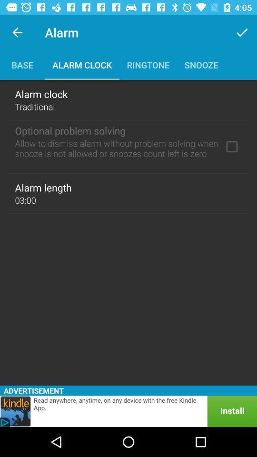 The width and height of the screenshot is (257, 457). Describe the element at coordinates (17, 32) in the screenshot. I see `the icon above the base` at that location.